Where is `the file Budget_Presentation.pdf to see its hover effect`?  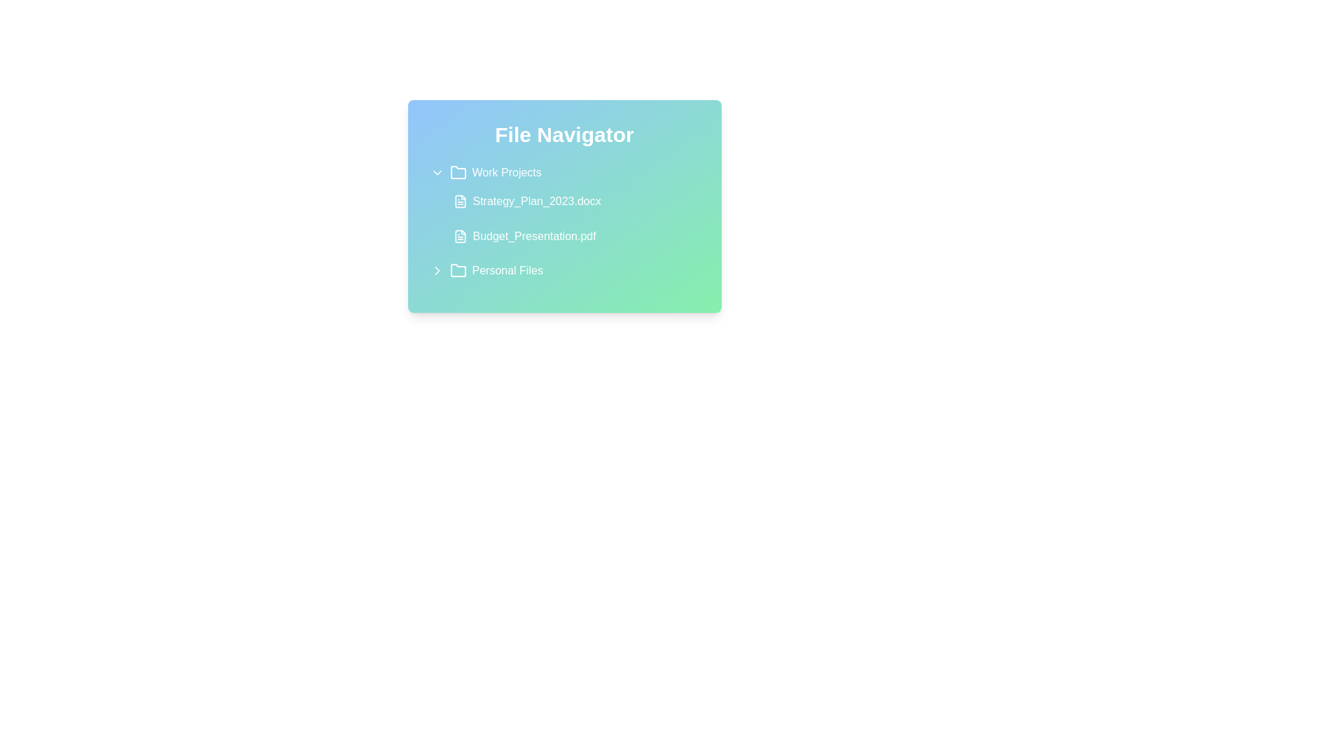 the file Budget_Presentation.pdf to see its hover effect is located at coordinates (573, 236).